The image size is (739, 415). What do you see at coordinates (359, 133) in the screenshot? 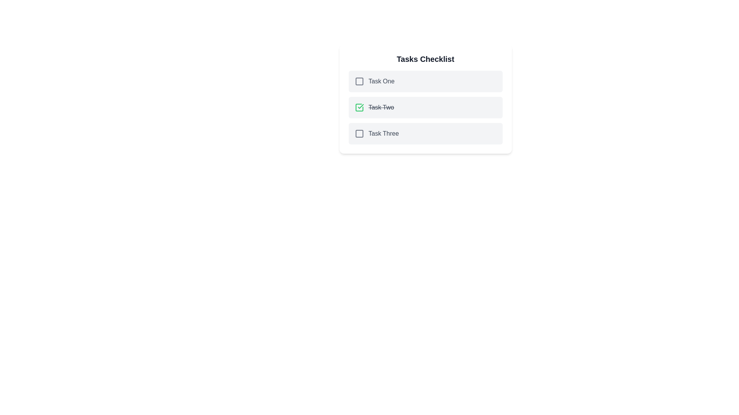
I see `the Square indicator icon that visually indicates the completion or selection state of the third task item in the 'Tasks Checklist' interface, aligned with the text 'Task Three'` at bounding box center [359, 133].